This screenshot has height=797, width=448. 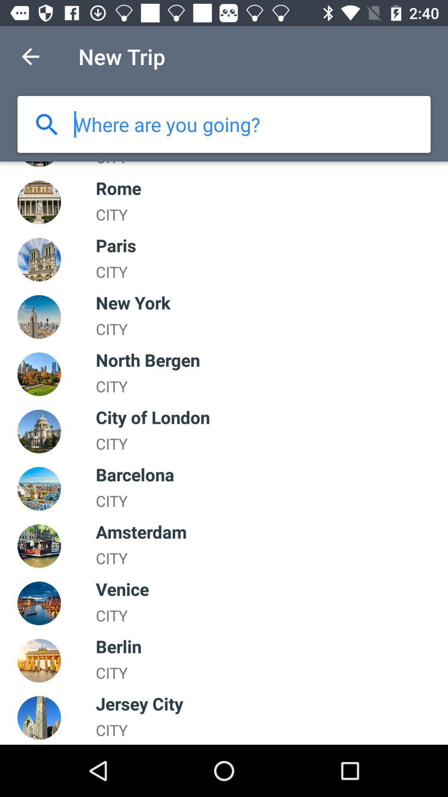 I want to click on tap the north bergens image, so click(x=39, y=374).